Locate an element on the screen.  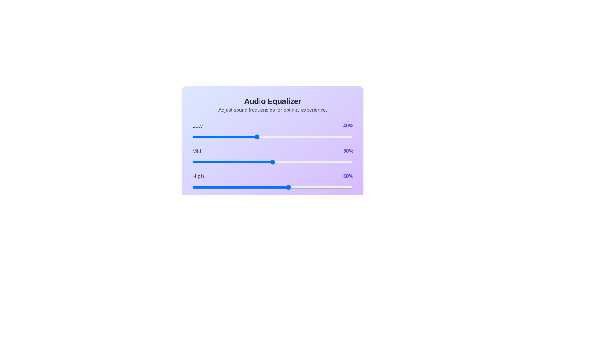
the low frequency slider to 43% is located at coordinates (261, 137).